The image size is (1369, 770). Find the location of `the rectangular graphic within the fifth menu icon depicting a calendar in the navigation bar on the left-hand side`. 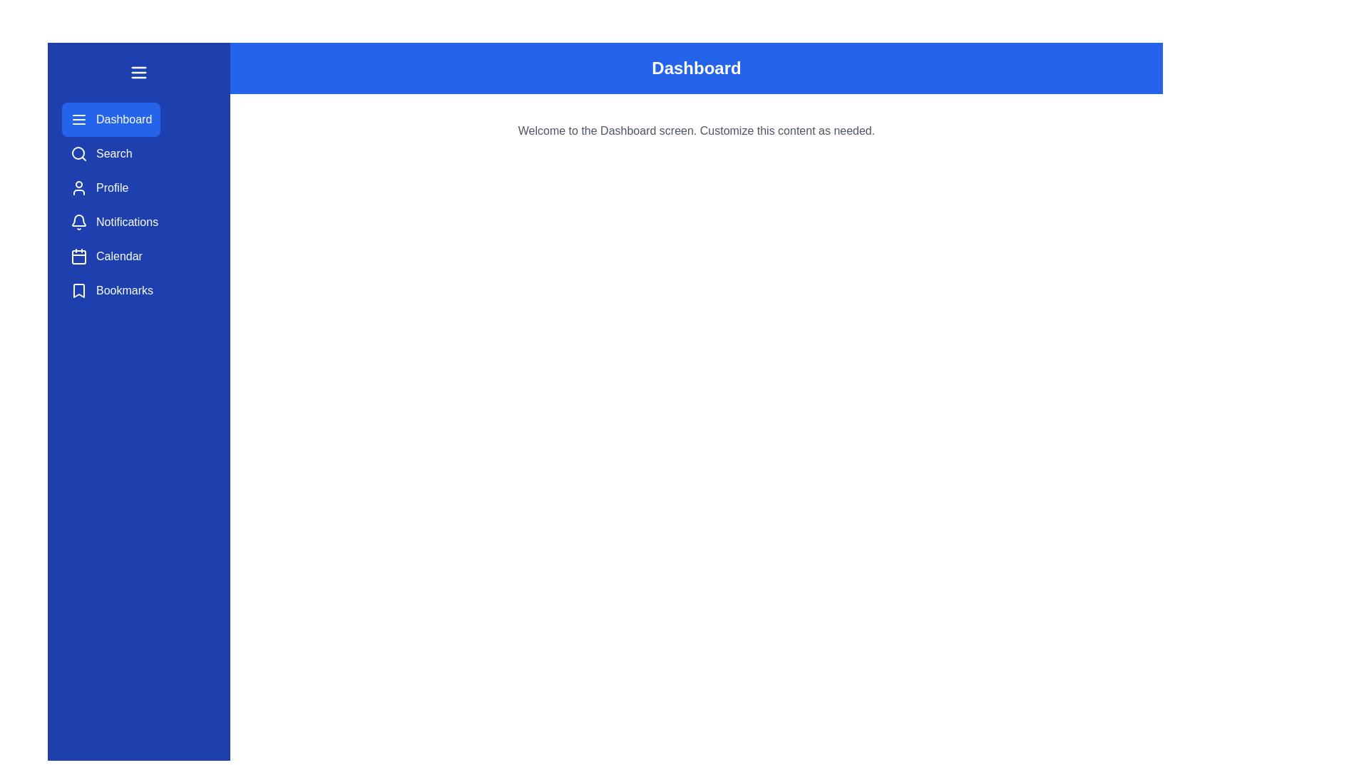

the rectangular graphic within the fifth menu icon depicting a calendar in the navigation bar on the left-hand side is located at coordinates (78, 257).